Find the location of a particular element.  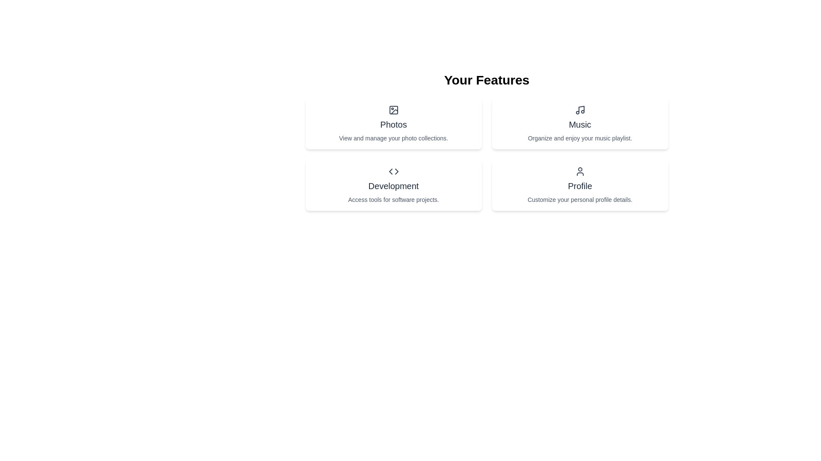

the 'Music' icon located at the top center of the card, which is directly above the text 'Music' is located at coordinates (580, 110).